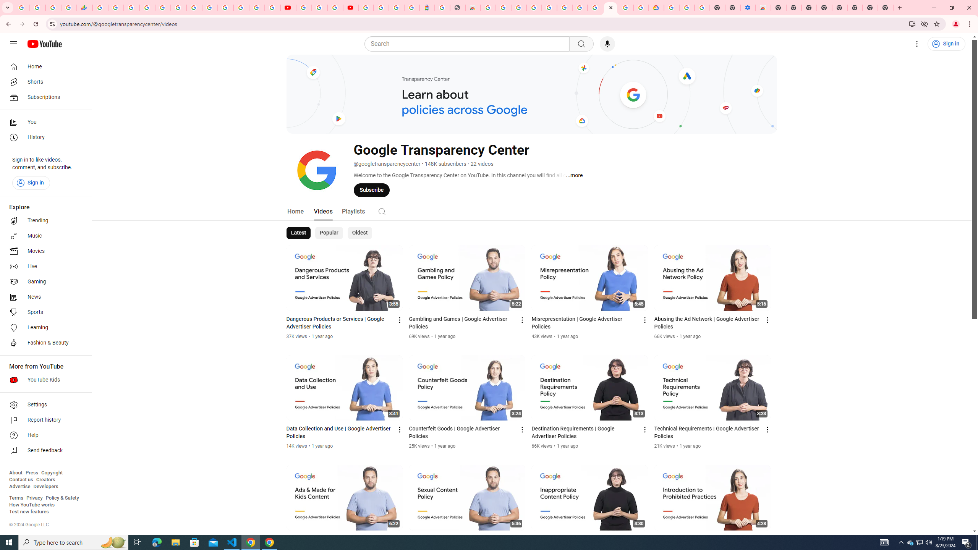 The width and height of the screenshot is (978, 550). I want to click on 'History', so click(43, 137).